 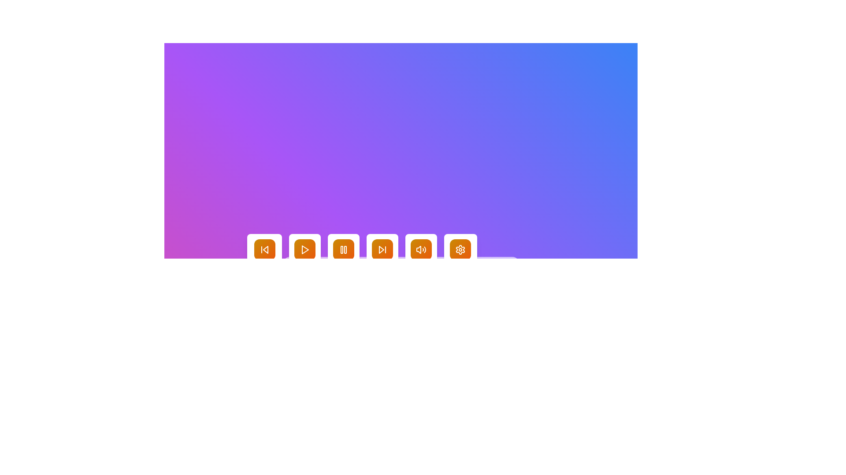 What do you see at coordinates (362, 256) in the screenshot?
I see `the vibrant yellow-orange gradient button with two vertical bar icons representing the 'Pause' symbol` at bounding box center [362, 256].